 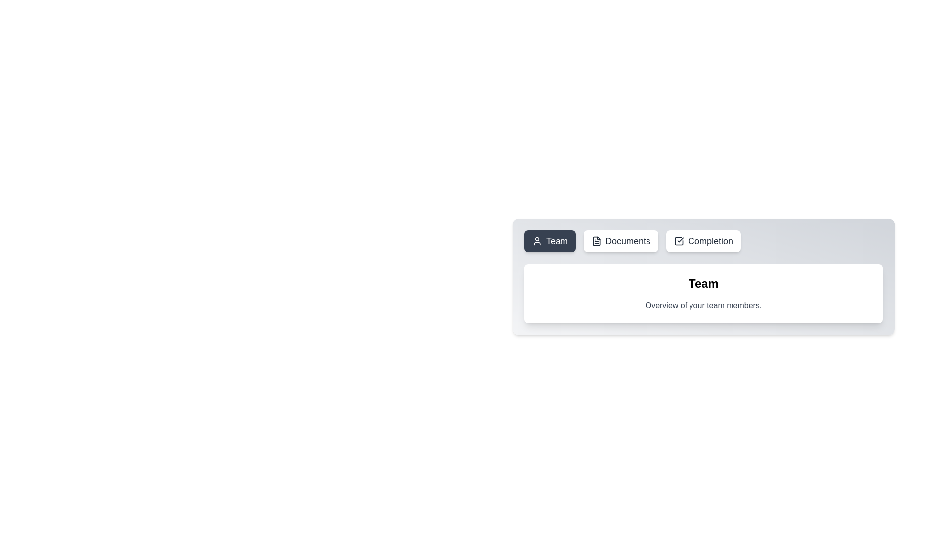 I want to click on the 'Team' button, which is the first button in a row of three buttons labeled 'Team', 'Documents', and 'Completion', so click(x=550, y=241).